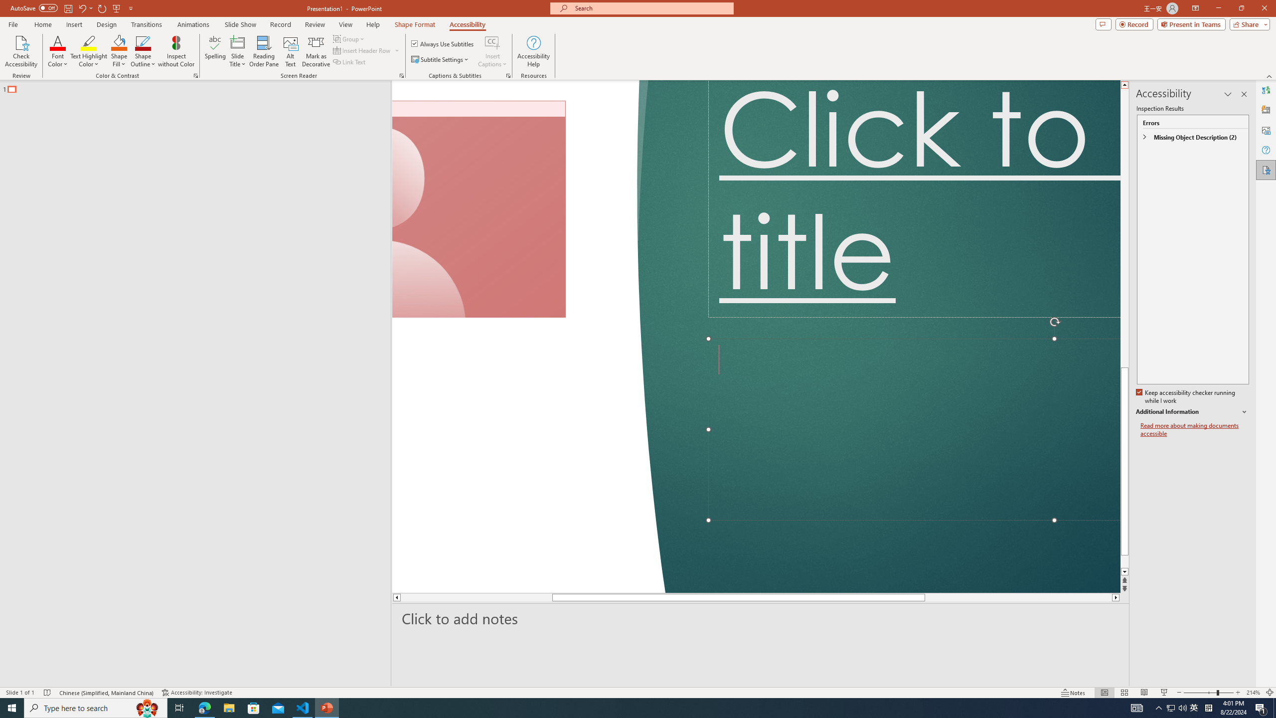  What do you see at coordinates (479, 209) in the screenshot?
I see `'Camera 7, No camera detected.'` at bounding box center [479, 209].